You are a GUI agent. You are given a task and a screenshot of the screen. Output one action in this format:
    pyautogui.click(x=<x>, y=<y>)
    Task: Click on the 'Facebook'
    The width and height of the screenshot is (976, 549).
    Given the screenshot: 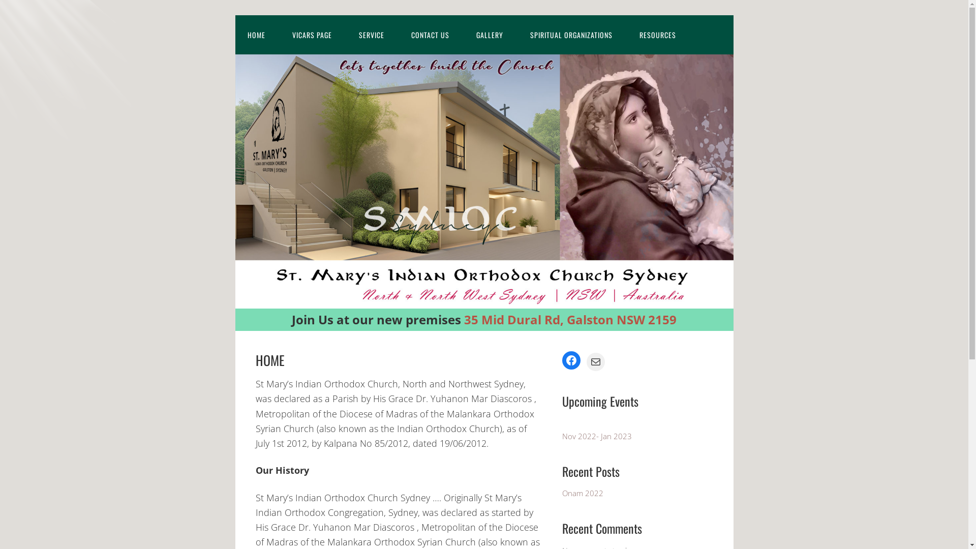 What is the action you would take?
    pyautogui.click(x=571, y=360)
    